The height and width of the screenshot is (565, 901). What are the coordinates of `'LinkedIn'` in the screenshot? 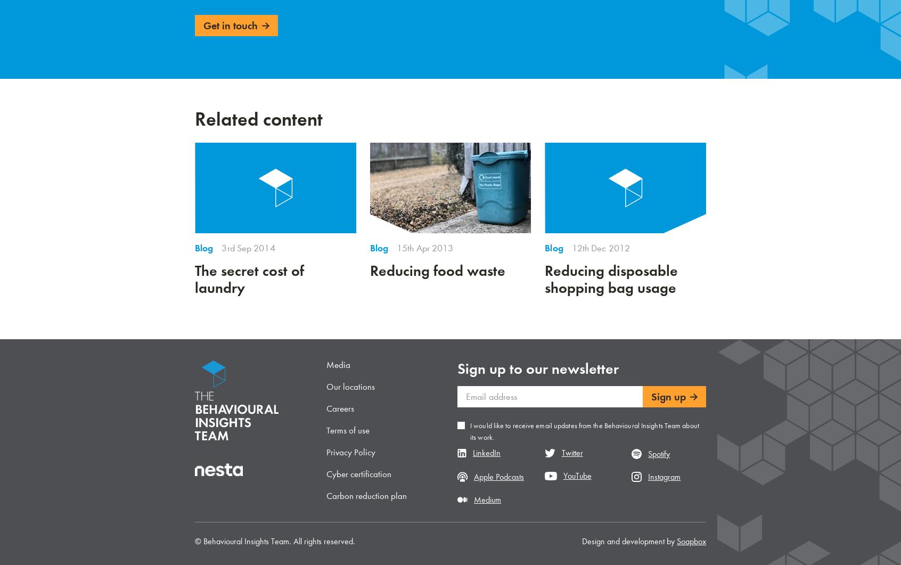 It's located at (486, 453).